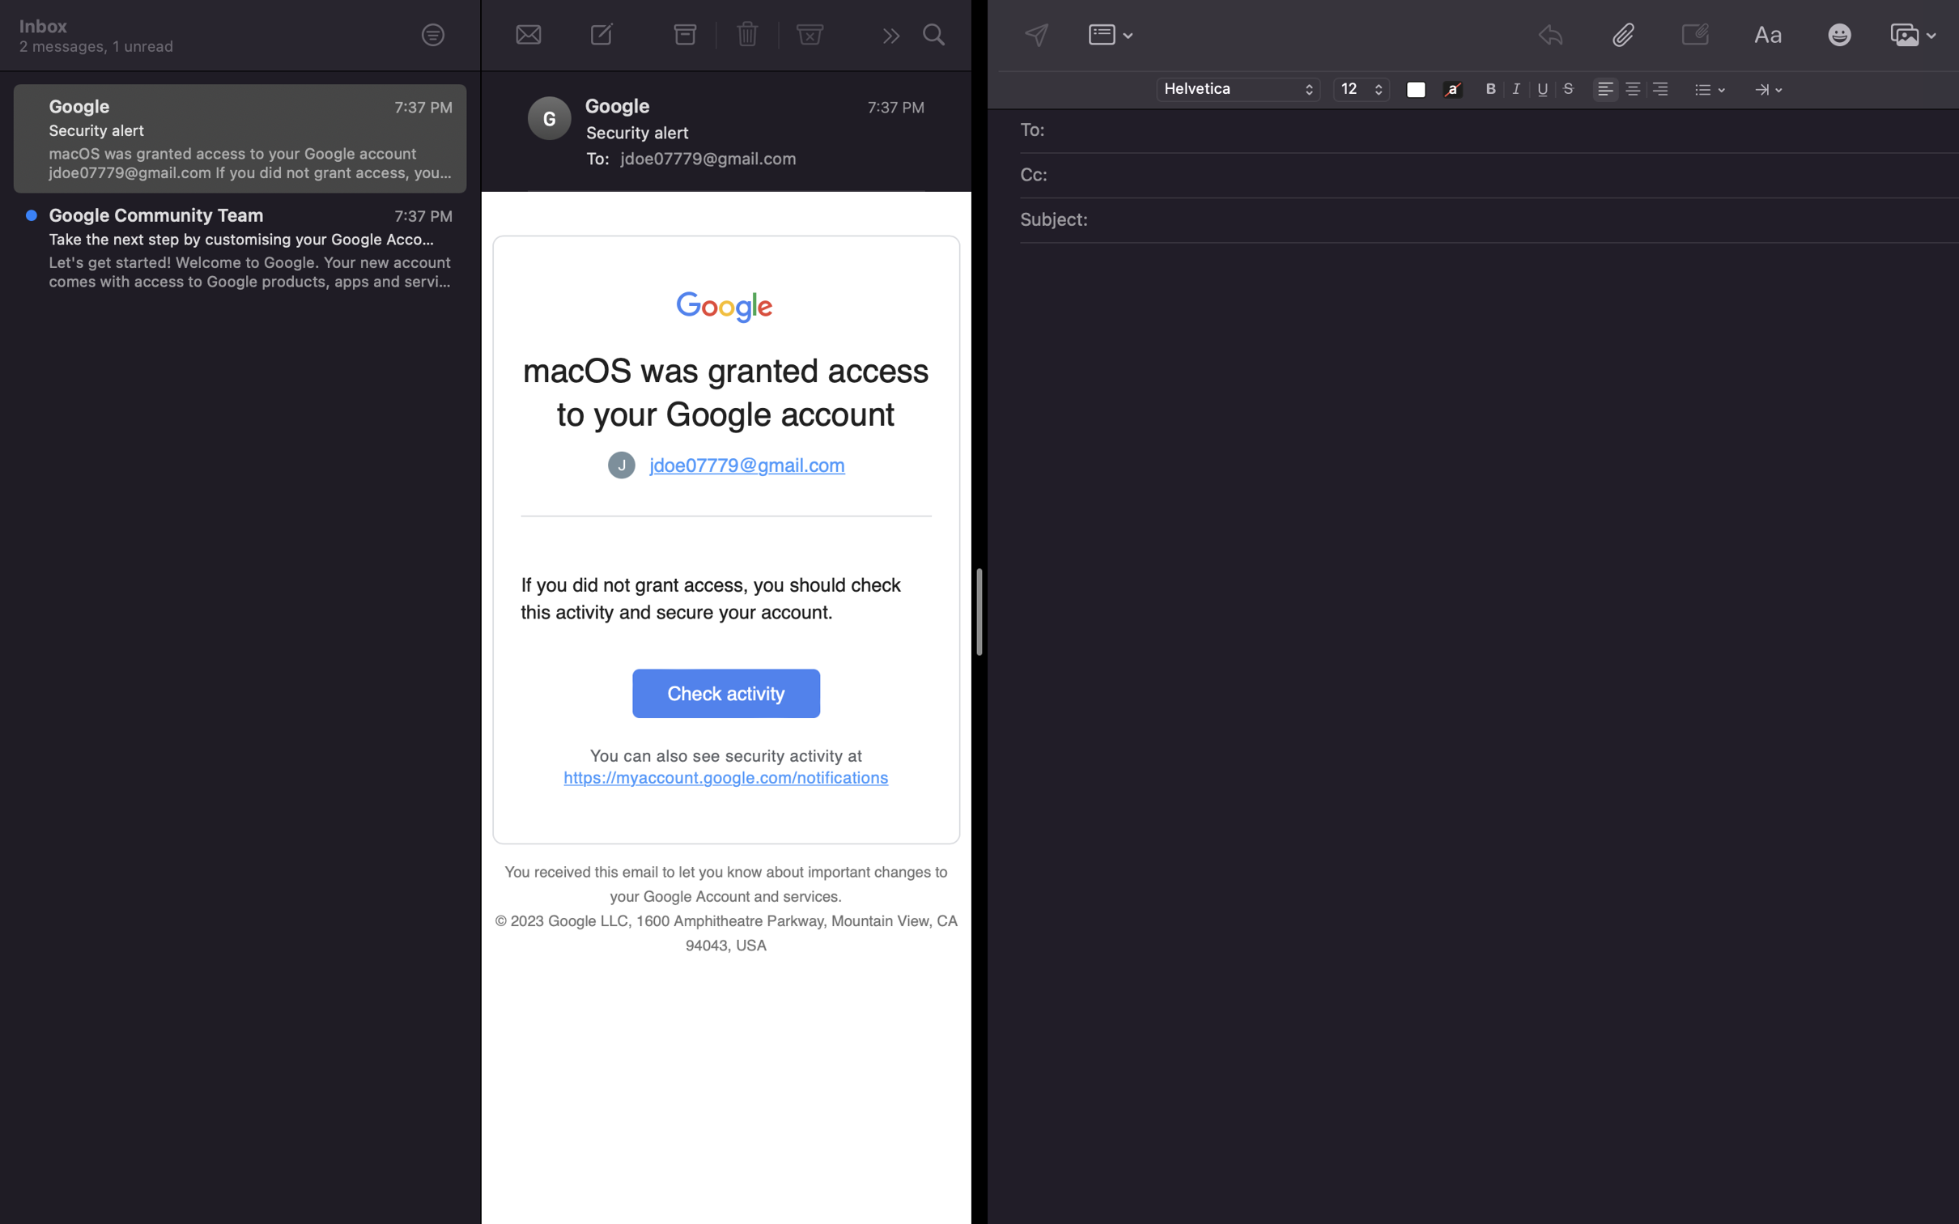 The image size is (1959, 1224). I want to click on Respond to selected email, so click(887, 37).